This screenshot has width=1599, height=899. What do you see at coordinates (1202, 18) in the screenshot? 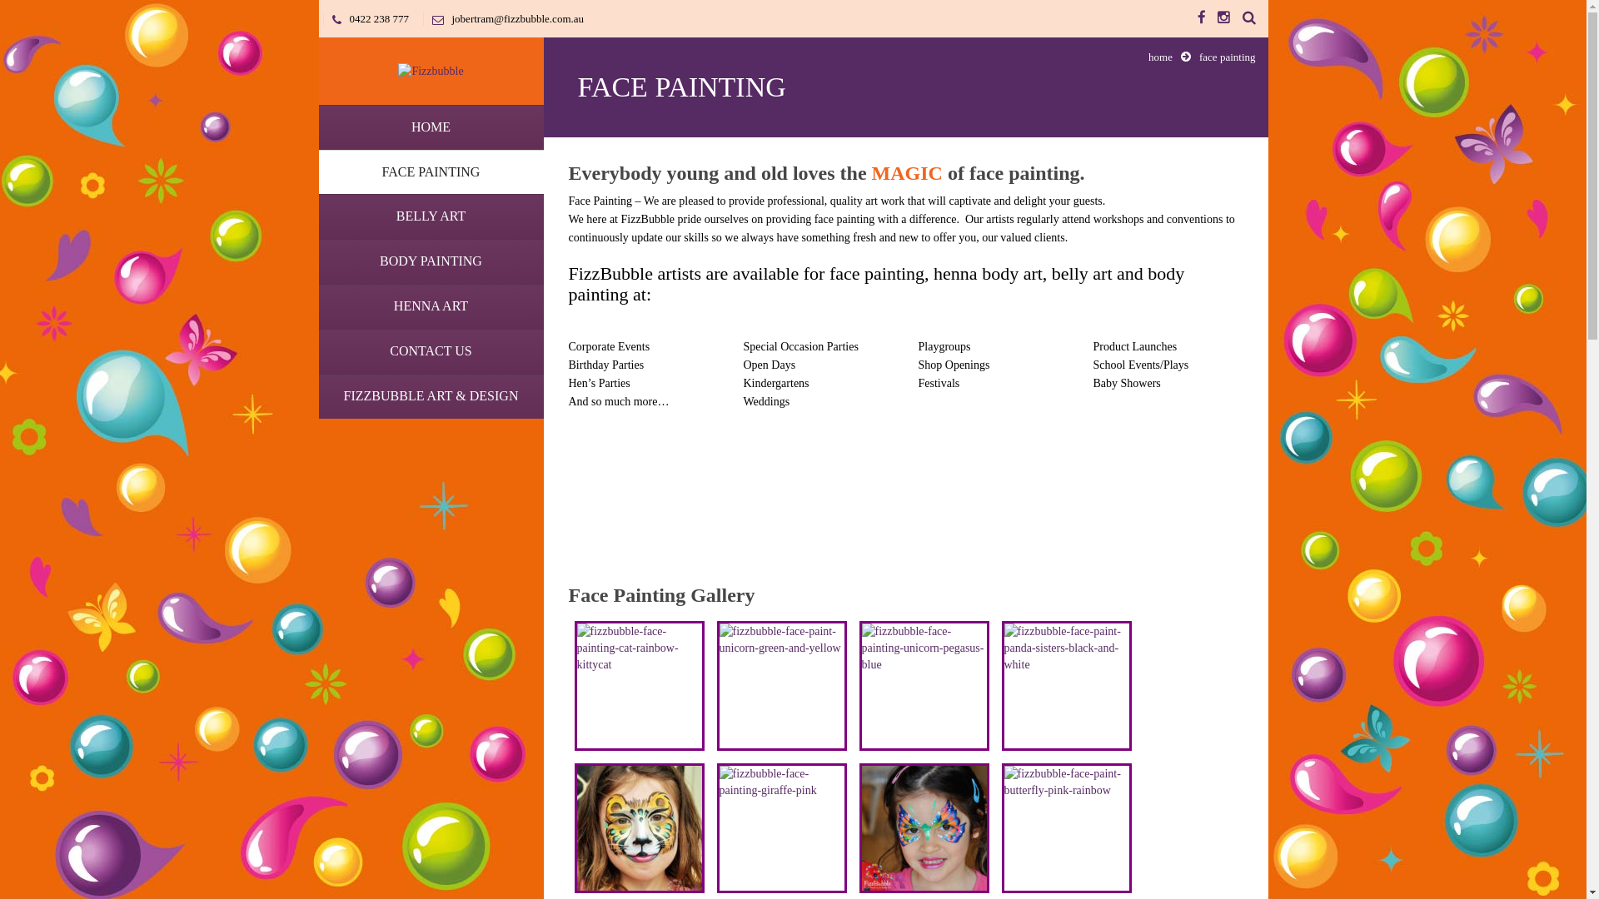
I see `'Facebook'` at bounding box center [1202, 18].